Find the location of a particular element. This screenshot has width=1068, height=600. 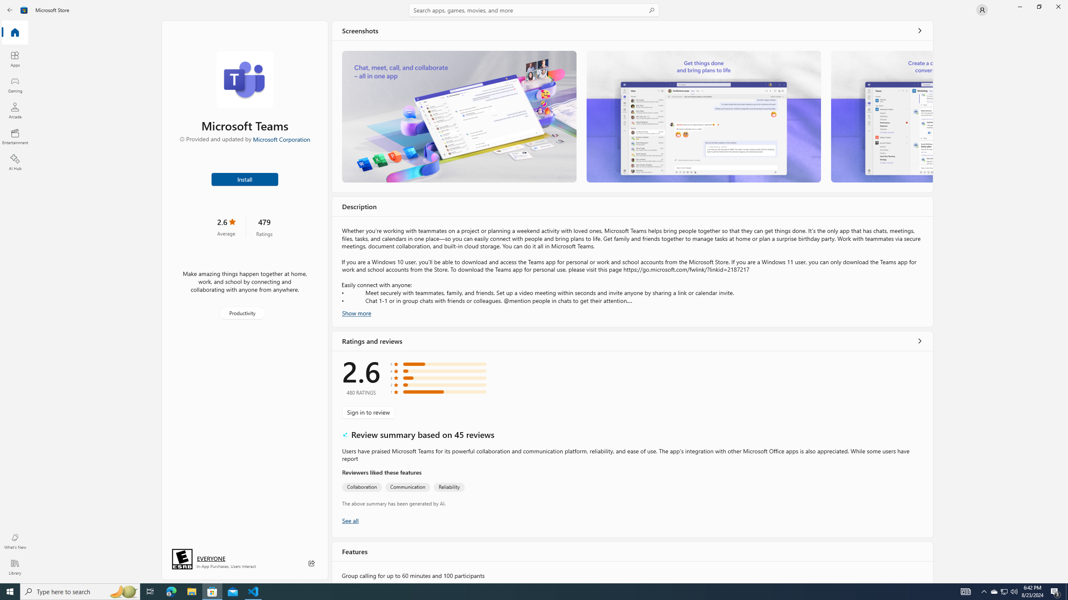

'Search' is located at coordinates (534, 10).